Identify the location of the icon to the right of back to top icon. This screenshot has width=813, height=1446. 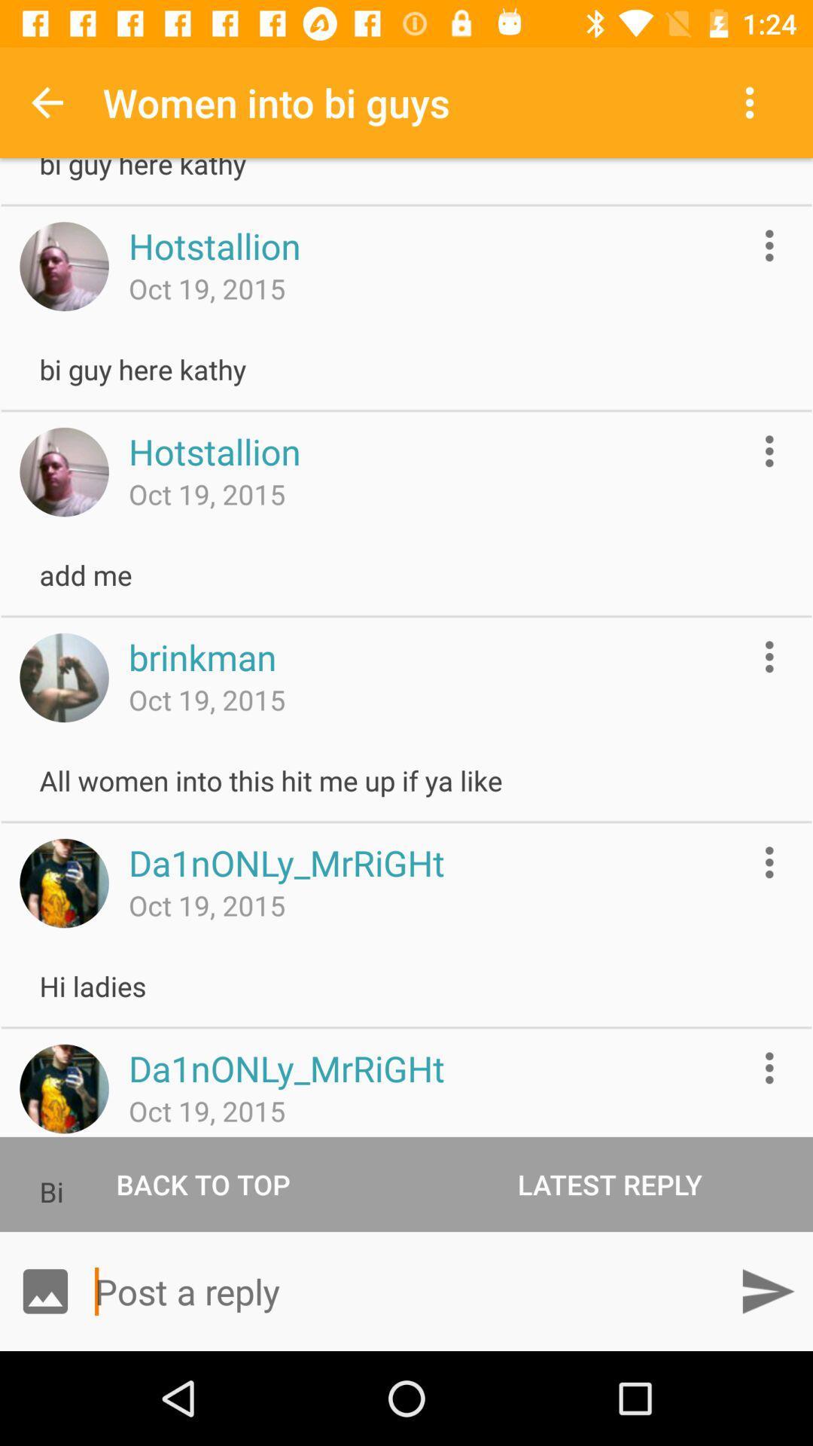
(610, 1183).